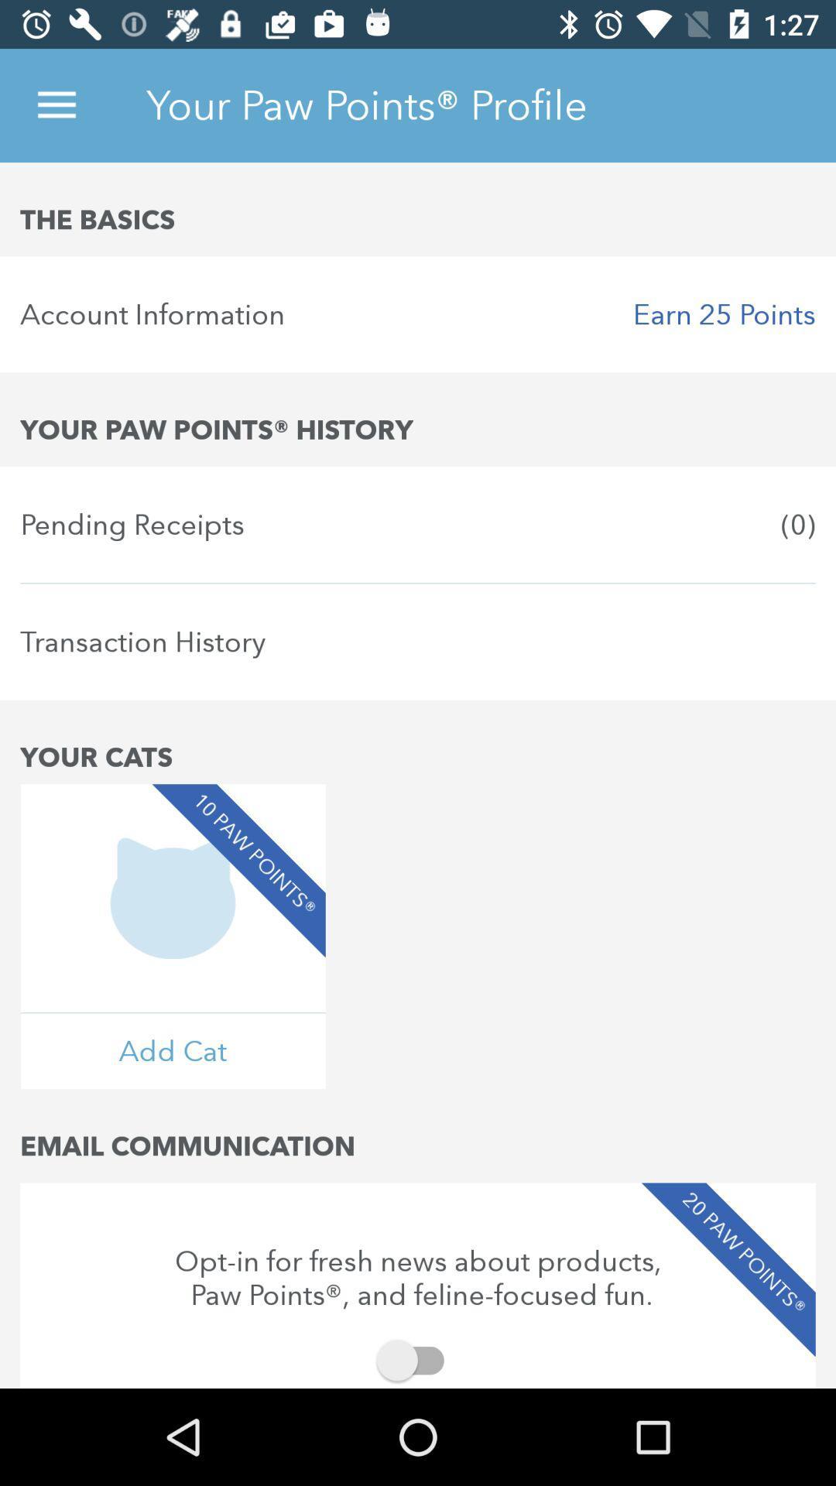 Image resolution: width=836 pixels, height=1486 pixels. What do you see at coordinates (418, 1359) in the screenshot?
I see `item below opt in for item` at bounding box center [418, 1359].